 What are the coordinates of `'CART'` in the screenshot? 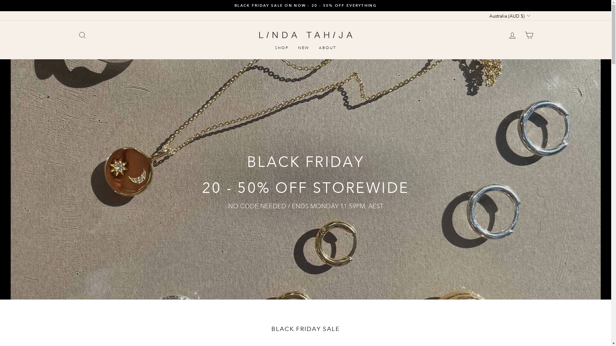 It's located at (528, 35).